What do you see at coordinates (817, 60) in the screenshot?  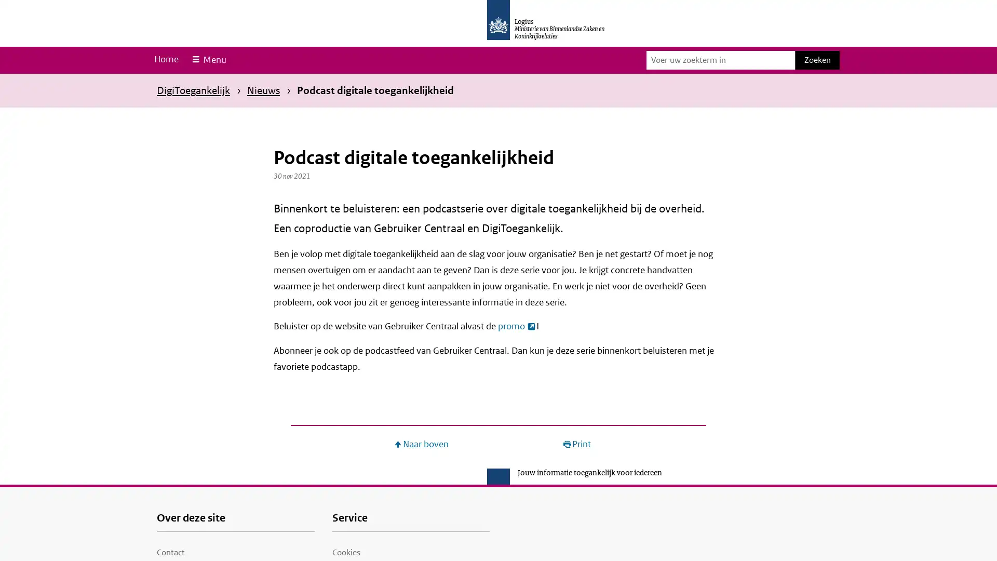 I see `Zoeken` at bounding box center [817, 60].